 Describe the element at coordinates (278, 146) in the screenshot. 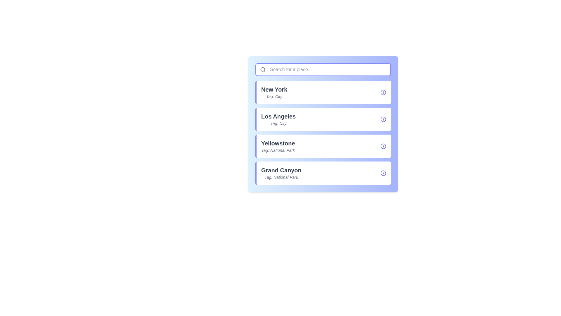

I see `contents of the label displaying 'Yellowstone' and its category 'National Park' located in the third list item of the vertical selection menu` at that location.